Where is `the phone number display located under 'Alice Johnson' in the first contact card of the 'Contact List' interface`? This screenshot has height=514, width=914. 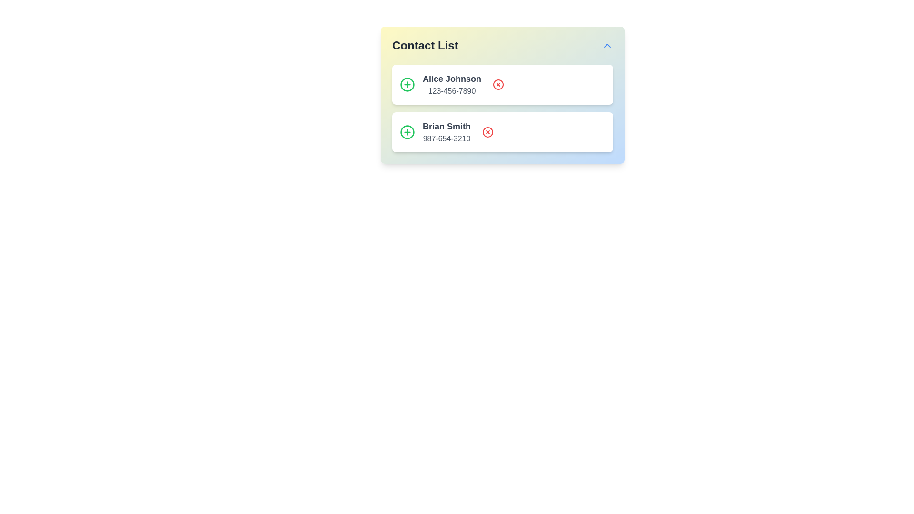
the phone number display located under 'Alice Johnson' in the first contact card of the 'Contact List' interface is located at coordinates (451, 91).